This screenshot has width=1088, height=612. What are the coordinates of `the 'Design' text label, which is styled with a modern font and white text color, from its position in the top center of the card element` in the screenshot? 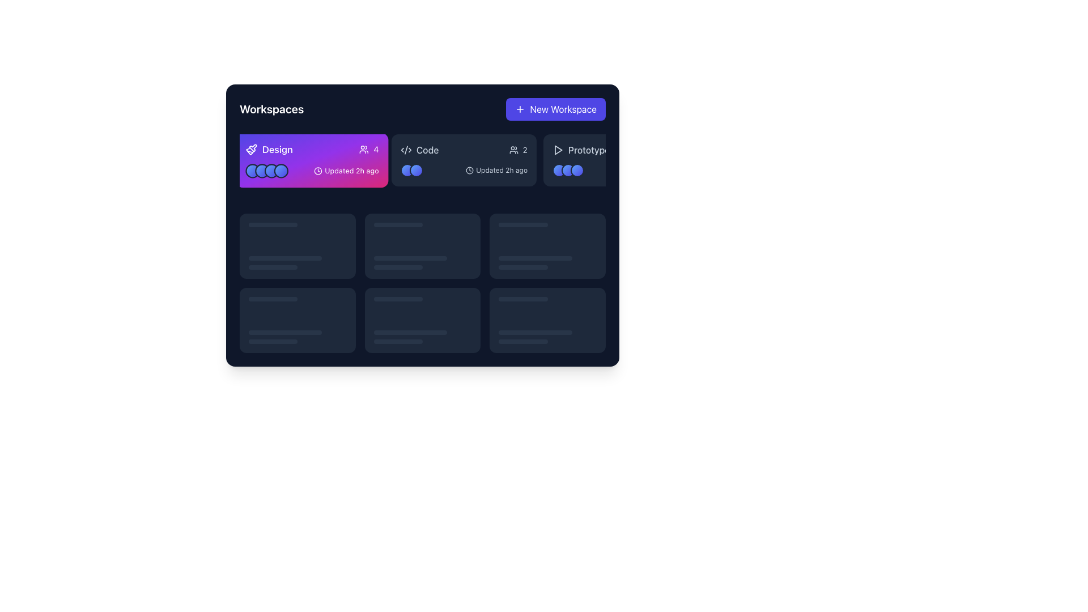 It's located at (312, 149).